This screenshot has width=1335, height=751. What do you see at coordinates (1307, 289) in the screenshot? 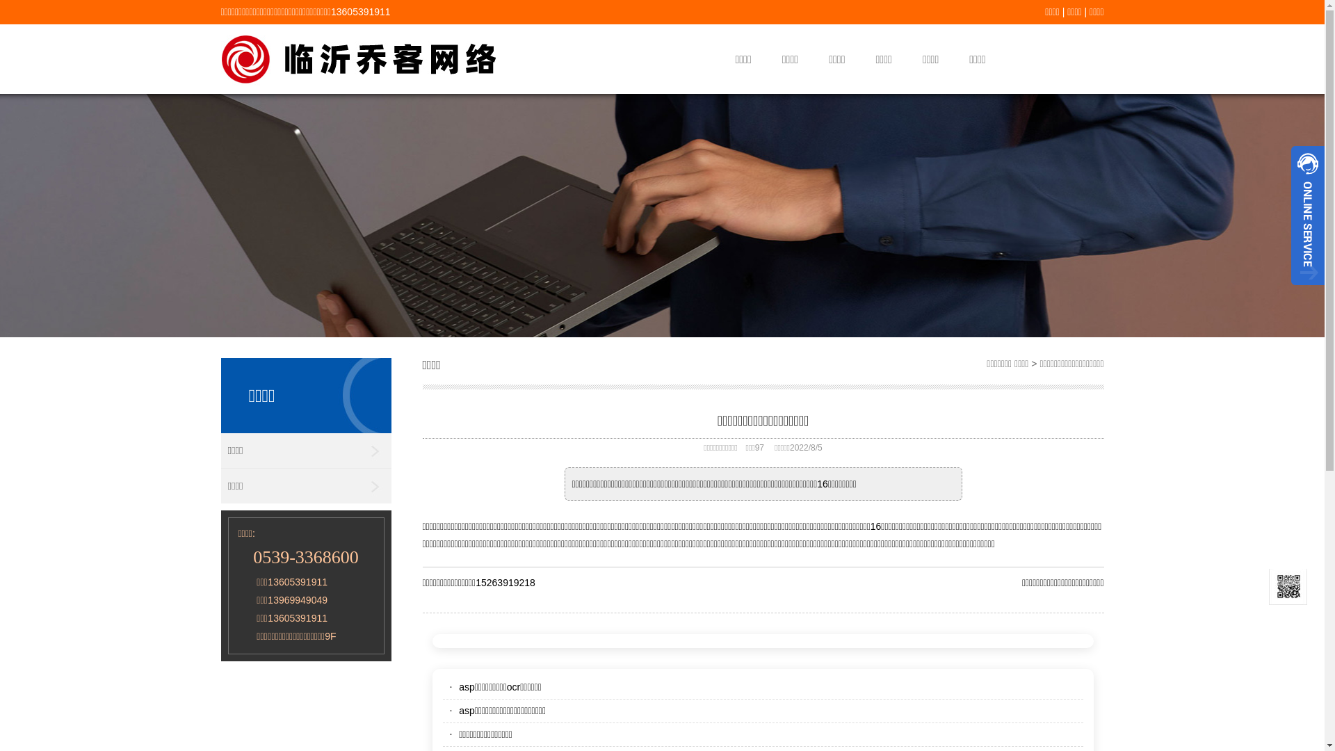
I see `'Close'` at bounding box center [1307, 289].